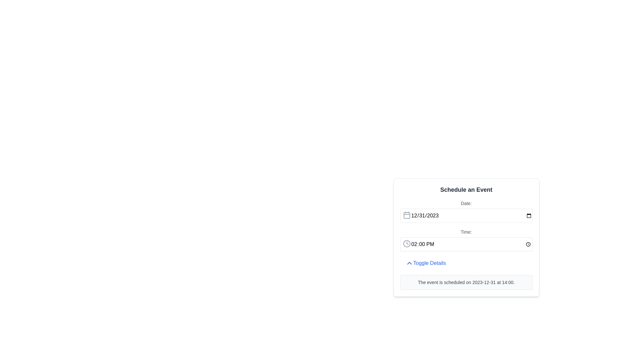 This screenshot has height=351, width=625. What do you see at coordinates (406, 215) in the screenshot?
I see `the adjacent text input field by clicking the date selection icon located at the top-left inside the input field` at bounding box center [406, 215].